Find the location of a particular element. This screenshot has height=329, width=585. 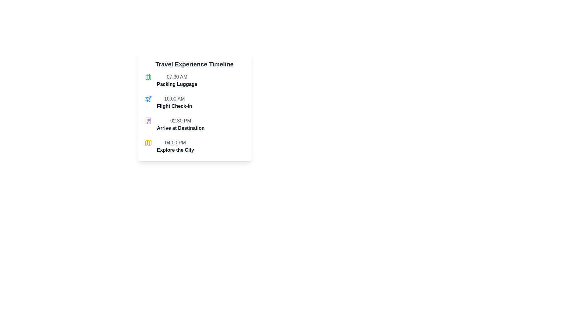

the timestamp text label associated with the 'Flight Check-in' event, located in the second row of the timeline, beneath 'Packing Luggage' is located at coordinates (174, 98).